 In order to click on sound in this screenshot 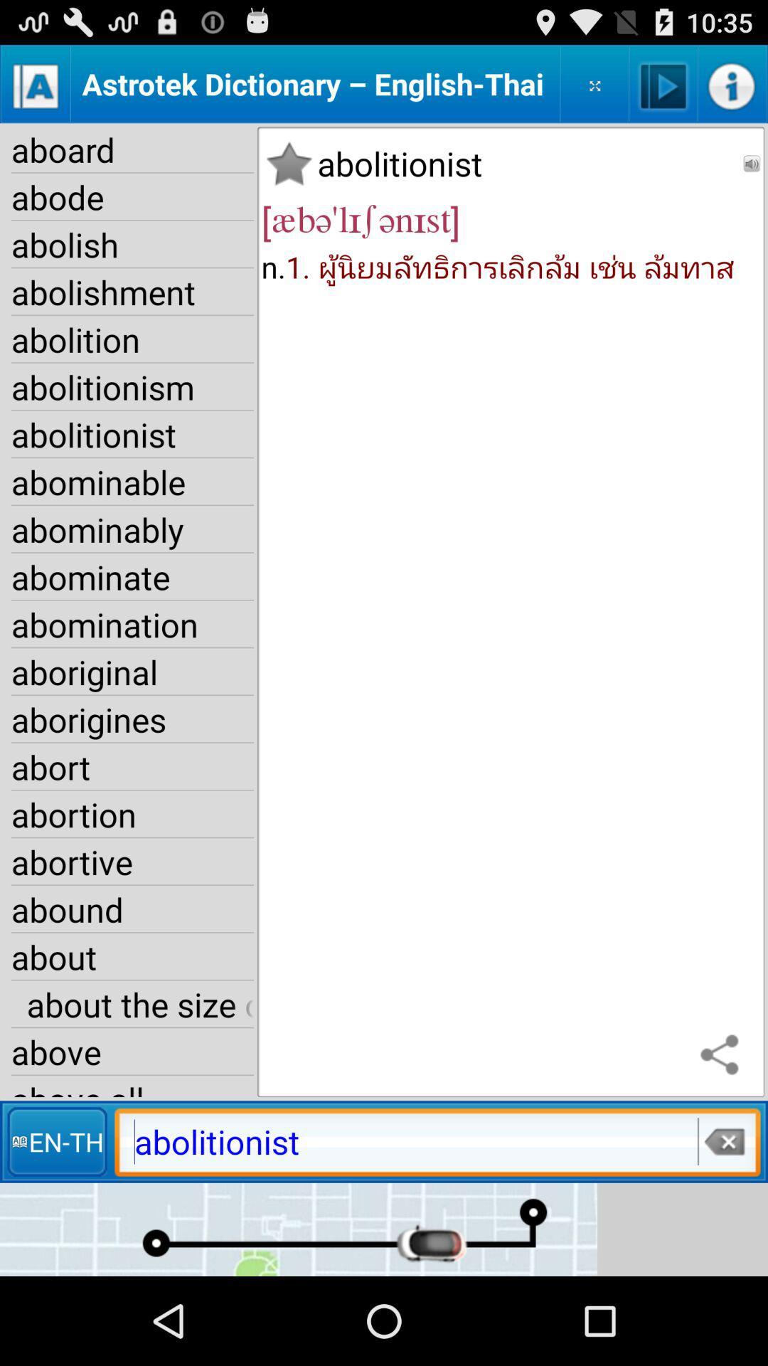, I will do `click(751, 164)`.